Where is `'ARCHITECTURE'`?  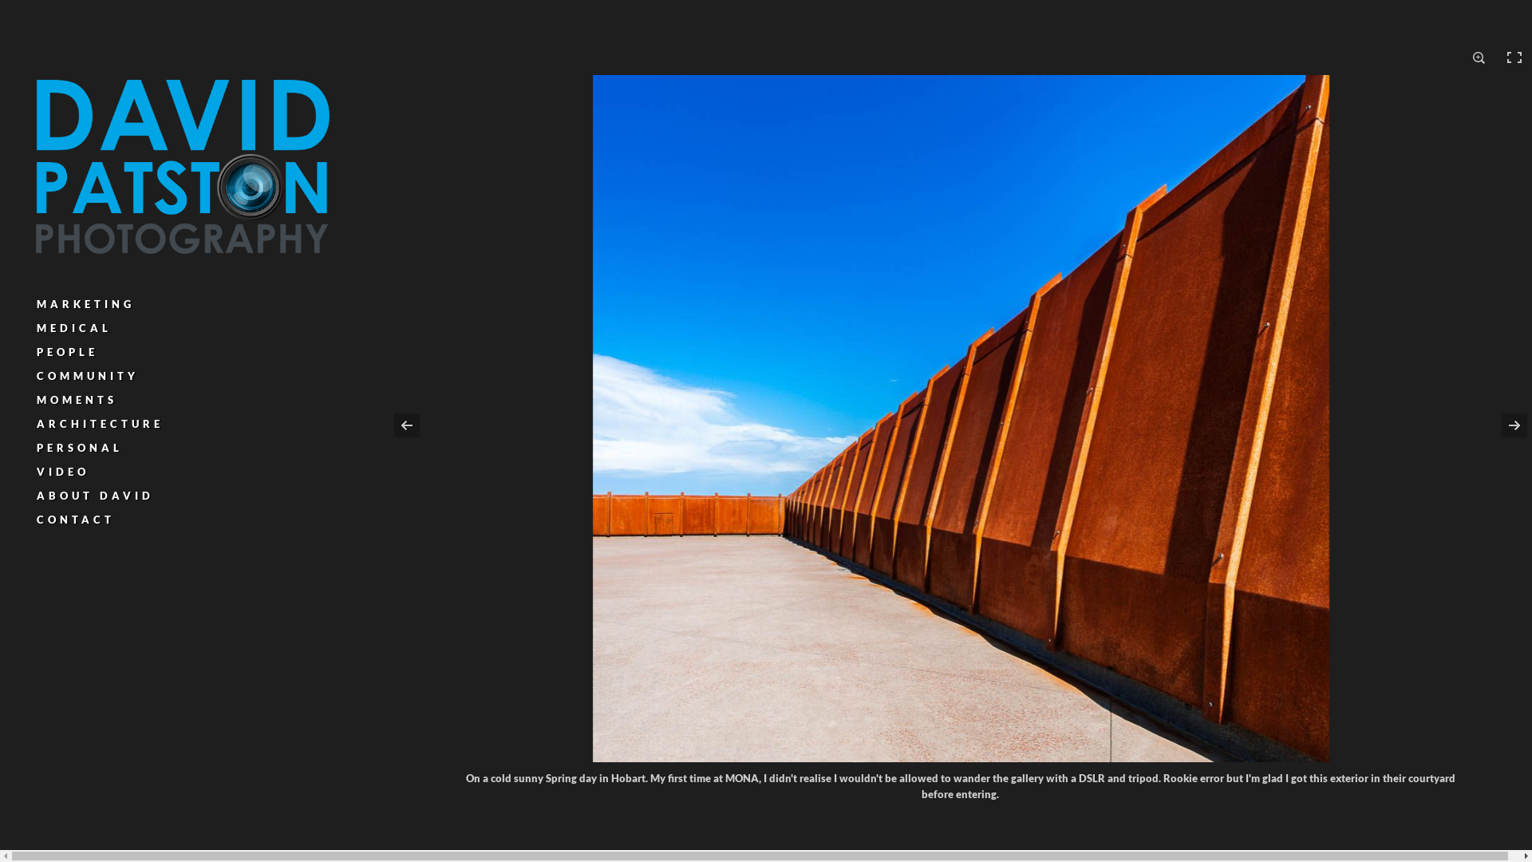 'ARCHITECTURE' is located at coordinates (37, 423).